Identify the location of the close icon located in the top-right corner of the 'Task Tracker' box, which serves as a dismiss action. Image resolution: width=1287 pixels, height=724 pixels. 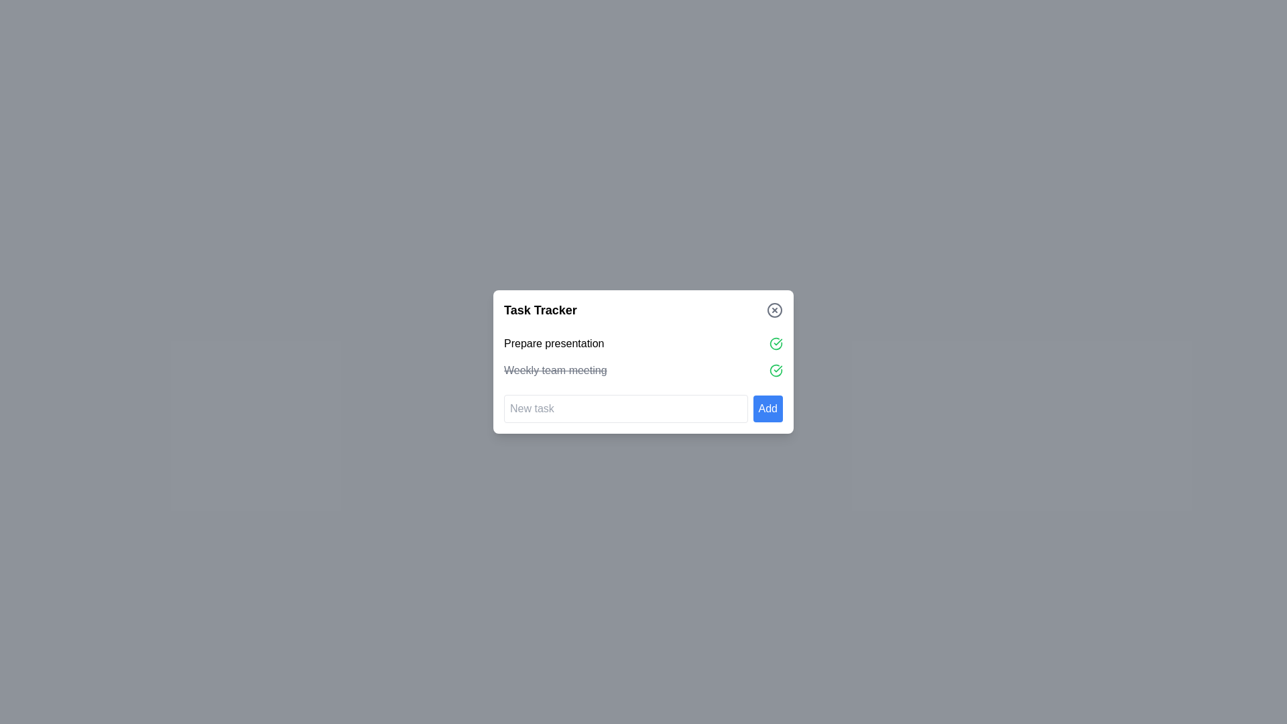
(775, 310).